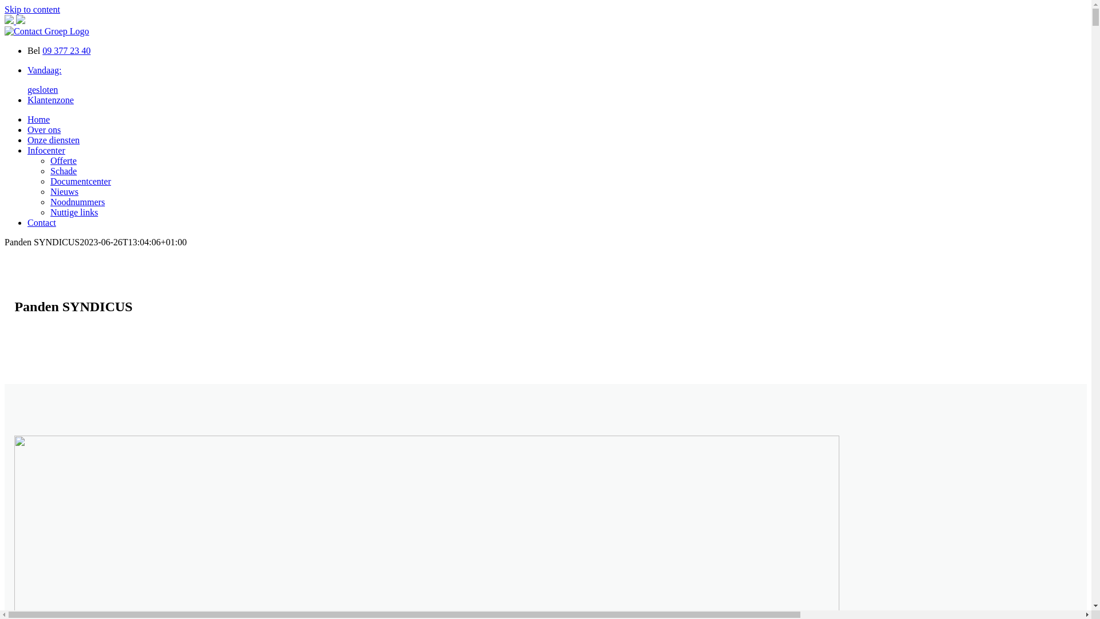  I want to click on 'Schade', so click(62, 171).